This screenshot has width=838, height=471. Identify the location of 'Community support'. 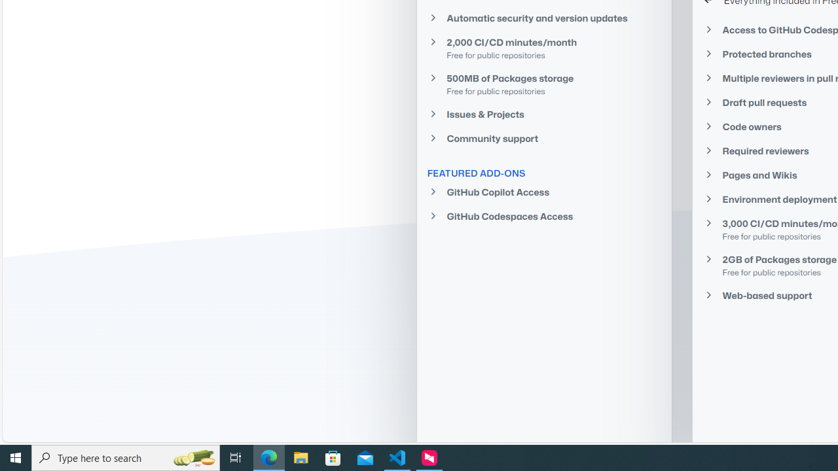
(543, 139).